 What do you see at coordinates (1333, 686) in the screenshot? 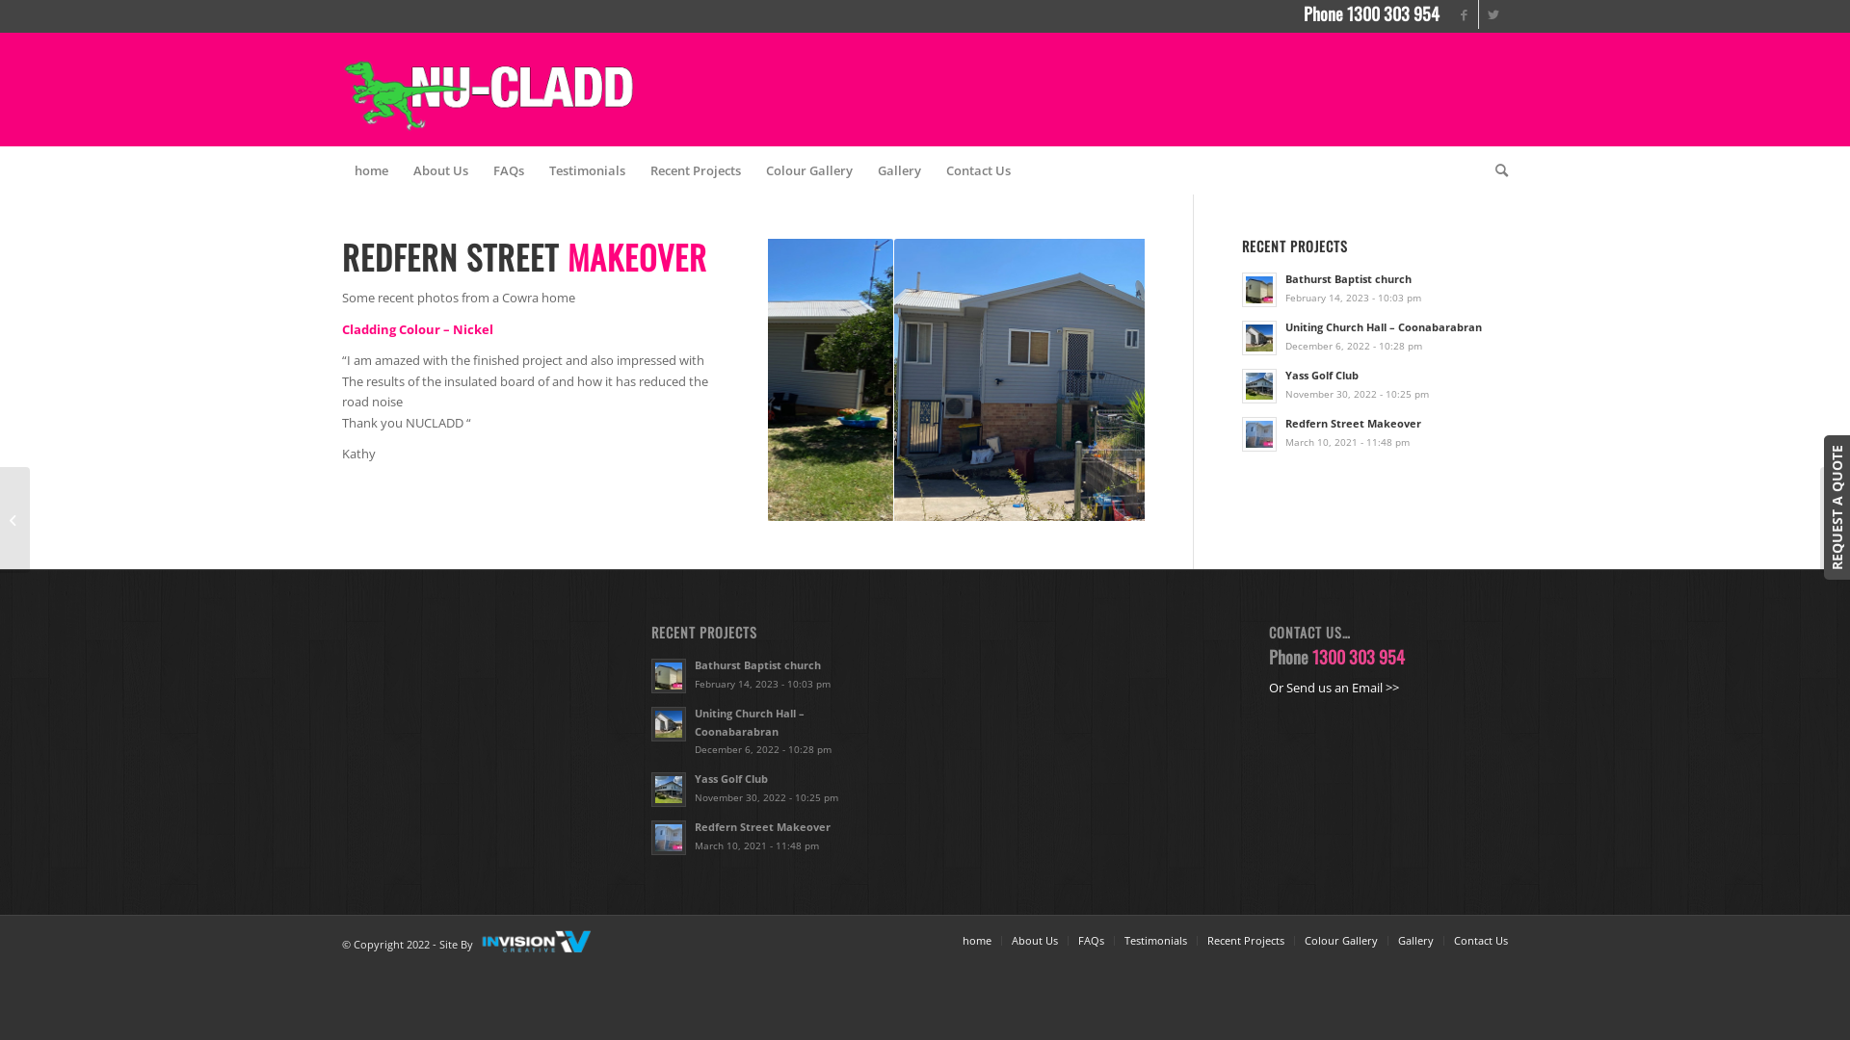
I see `'Or Send us an Email >>'` at bounding box center [1333, 686].